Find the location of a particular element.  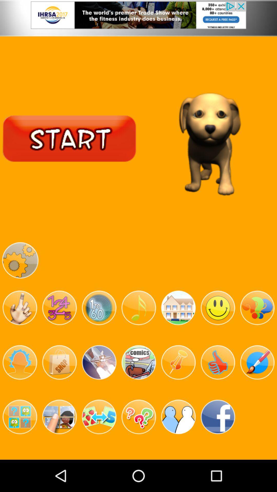

the facebook icon is located at coordinates (218, 446).